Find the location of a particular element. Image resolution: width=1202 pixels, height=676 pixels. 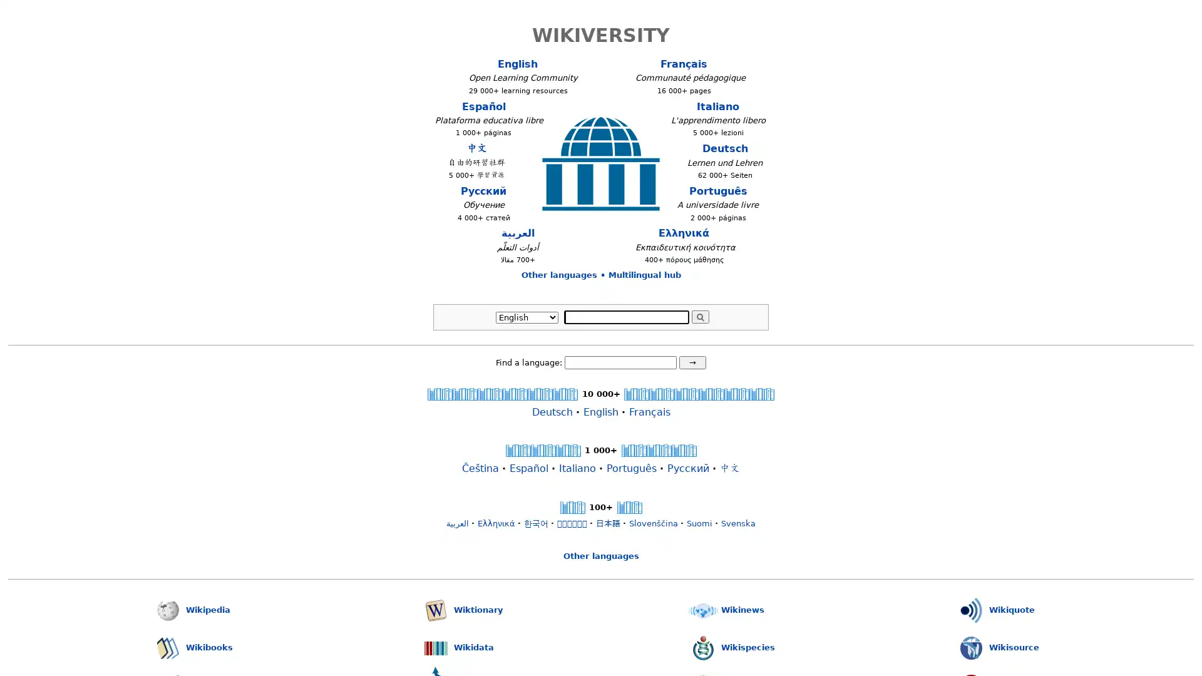

Search is located at coordinates (699, 315).